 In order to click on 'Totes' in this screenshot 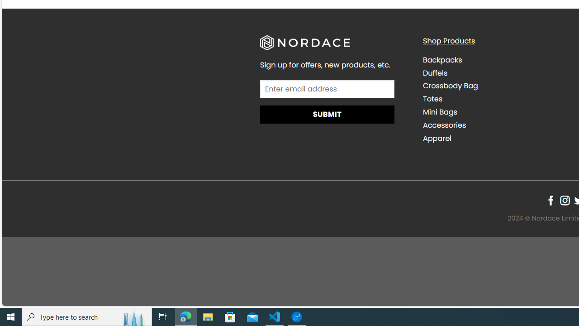, I will do `click(497, 99)`.